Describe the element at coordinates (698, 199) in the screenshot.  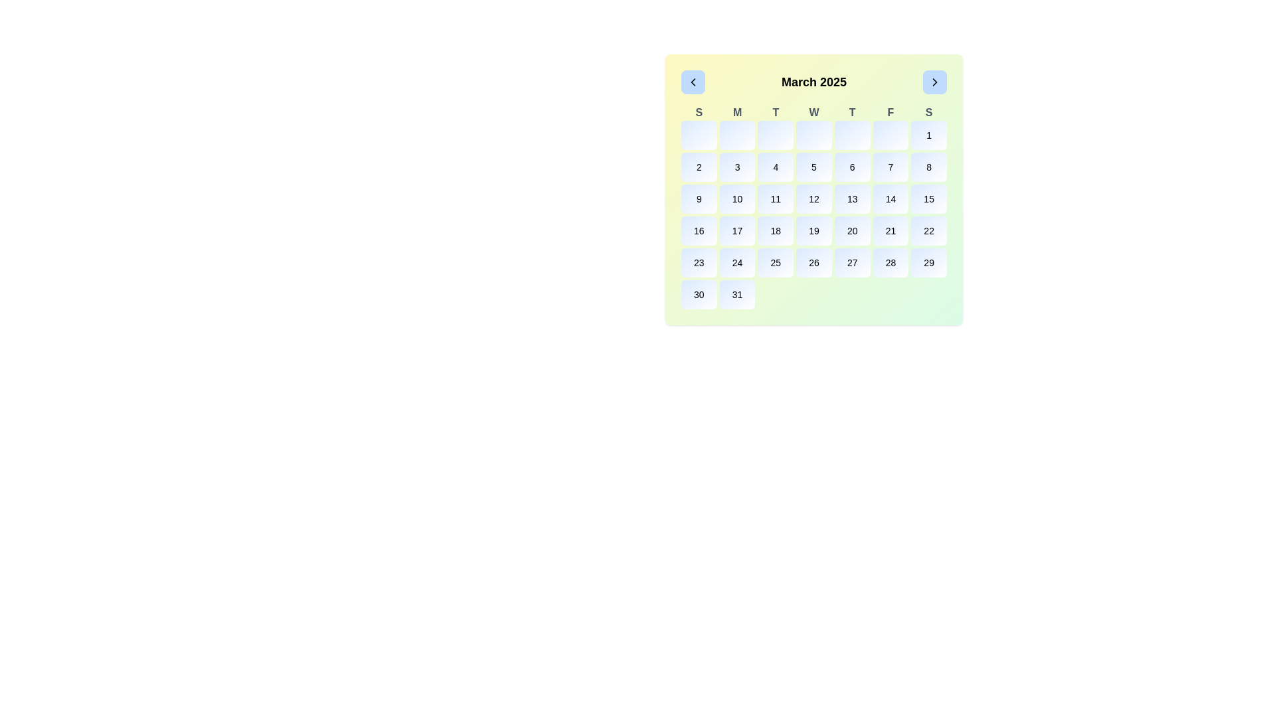
I see `the button representing the 9th day of the month in the calendar interface` at that location.